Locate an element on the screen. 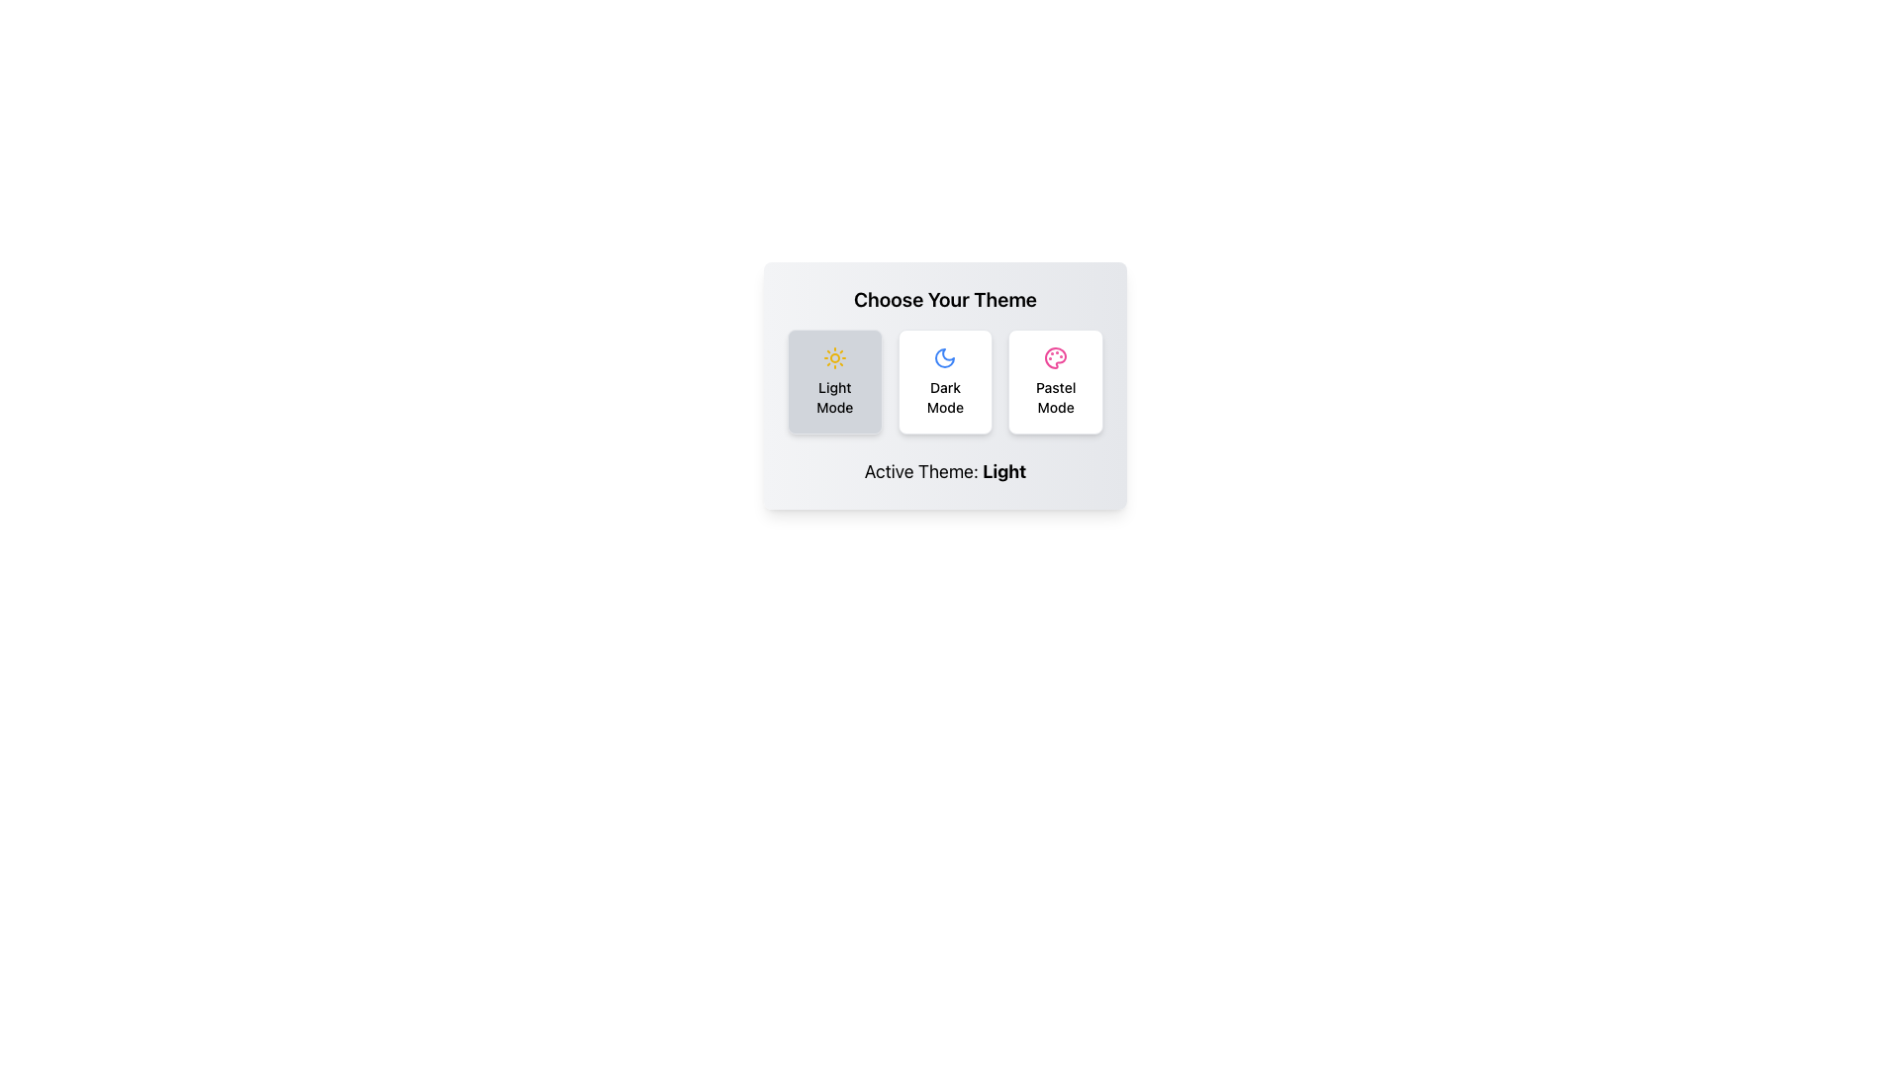  the 'Pastel Mode' theme icon, which is positioned at the top center above the text 'Pastel Mode' is located at coordinates (1055, 358).